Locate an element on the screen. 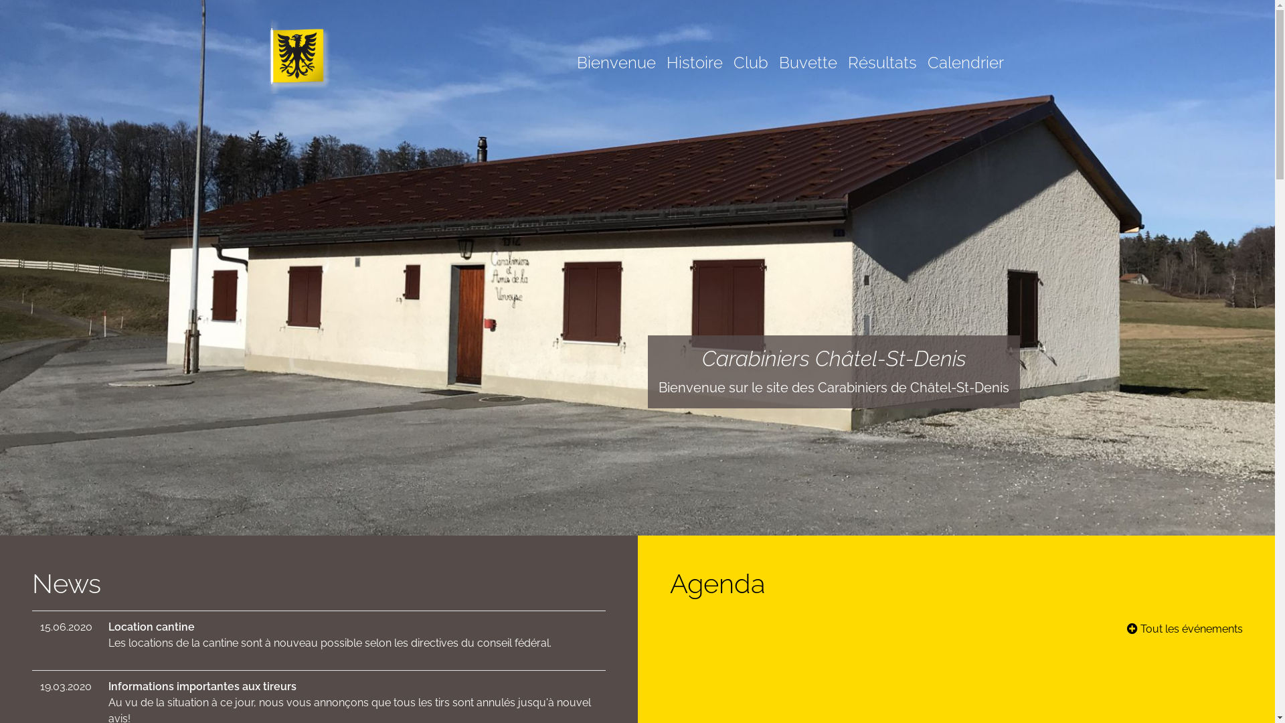 This screenshot has height=723, width=1285. 'Buvette' is located at coordinates (774, 50).